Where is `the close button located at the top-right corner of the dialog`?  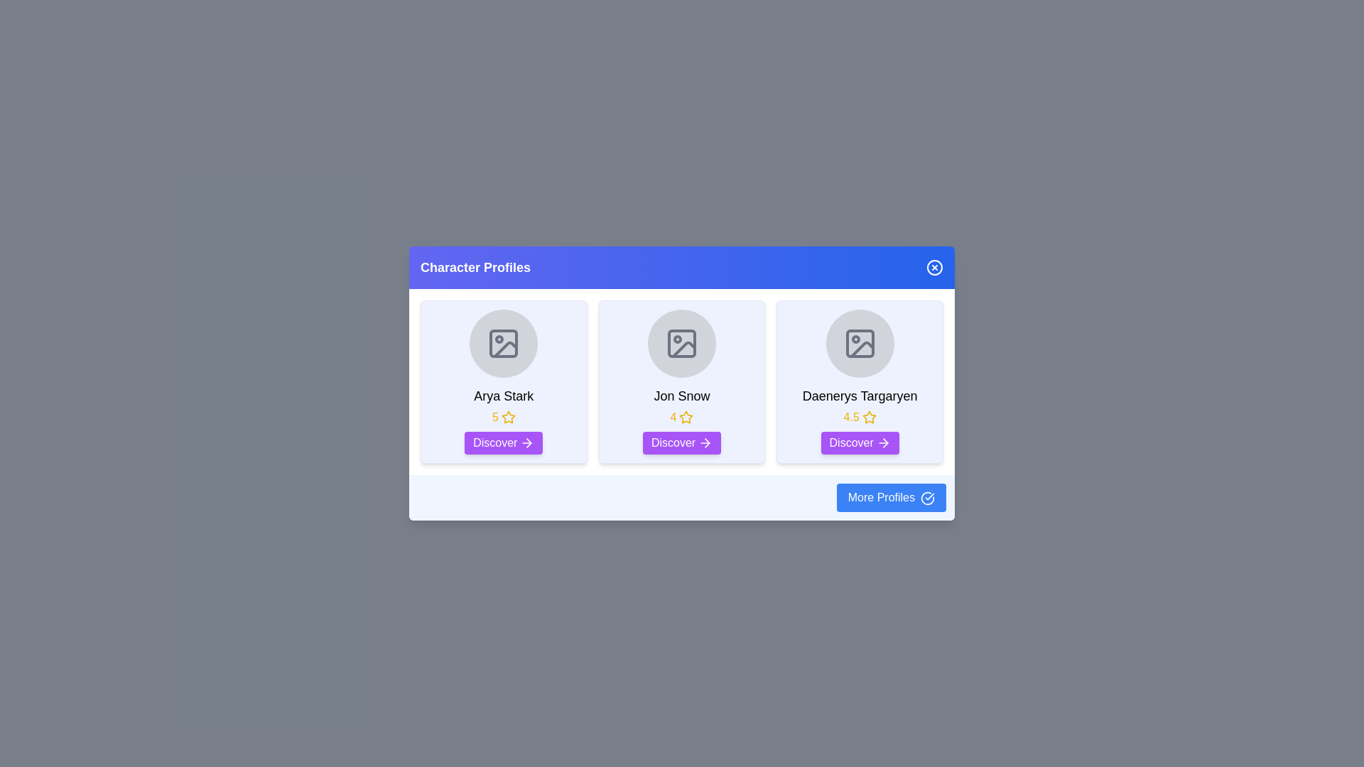
the close button located at the top-right corner of the dialog is located at coordinates (934, 268).